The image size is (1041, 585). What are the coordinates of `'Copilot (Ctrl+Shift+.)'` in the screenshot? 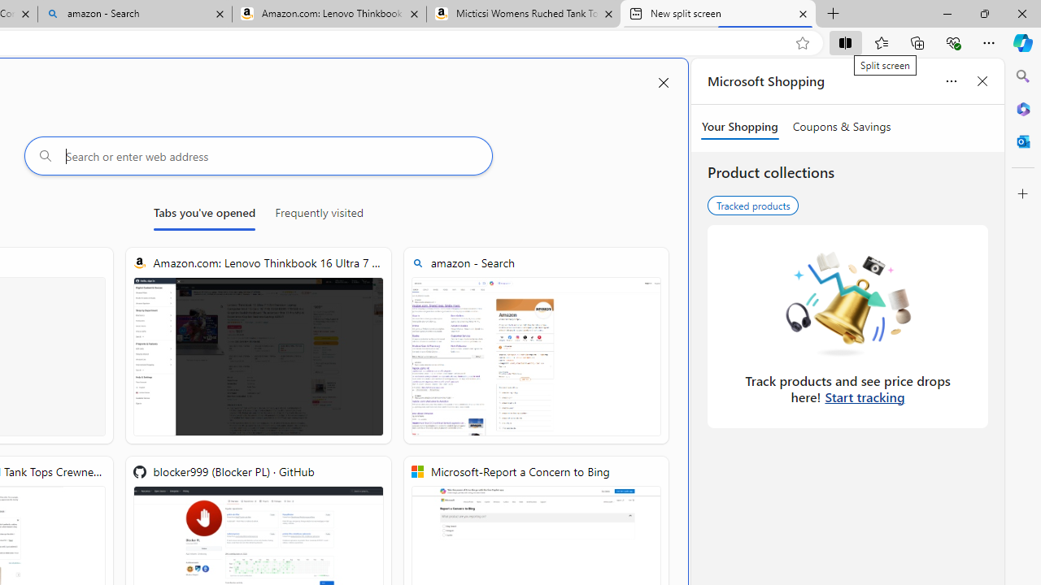 It's located at (1022, 41).